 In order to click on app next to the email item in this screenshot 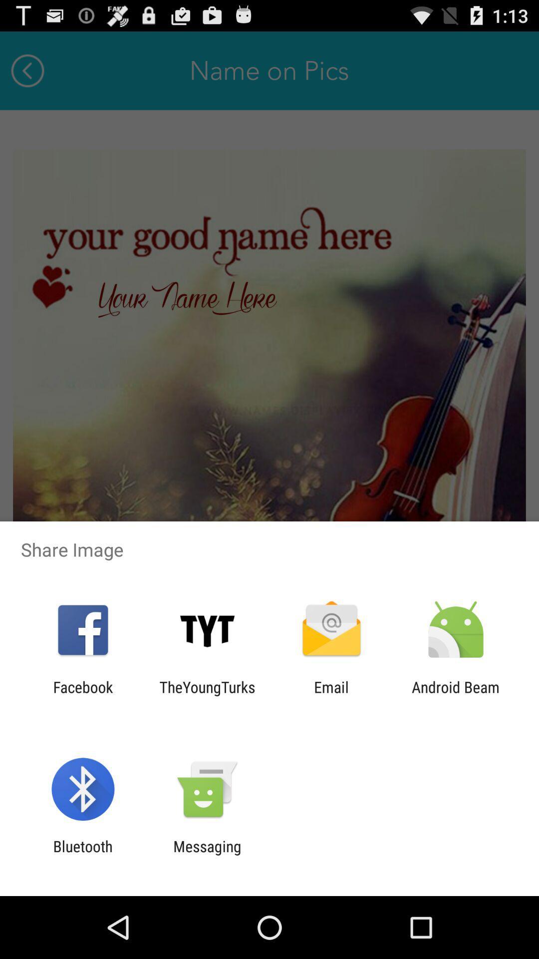, I will do `click(456, 695)`.